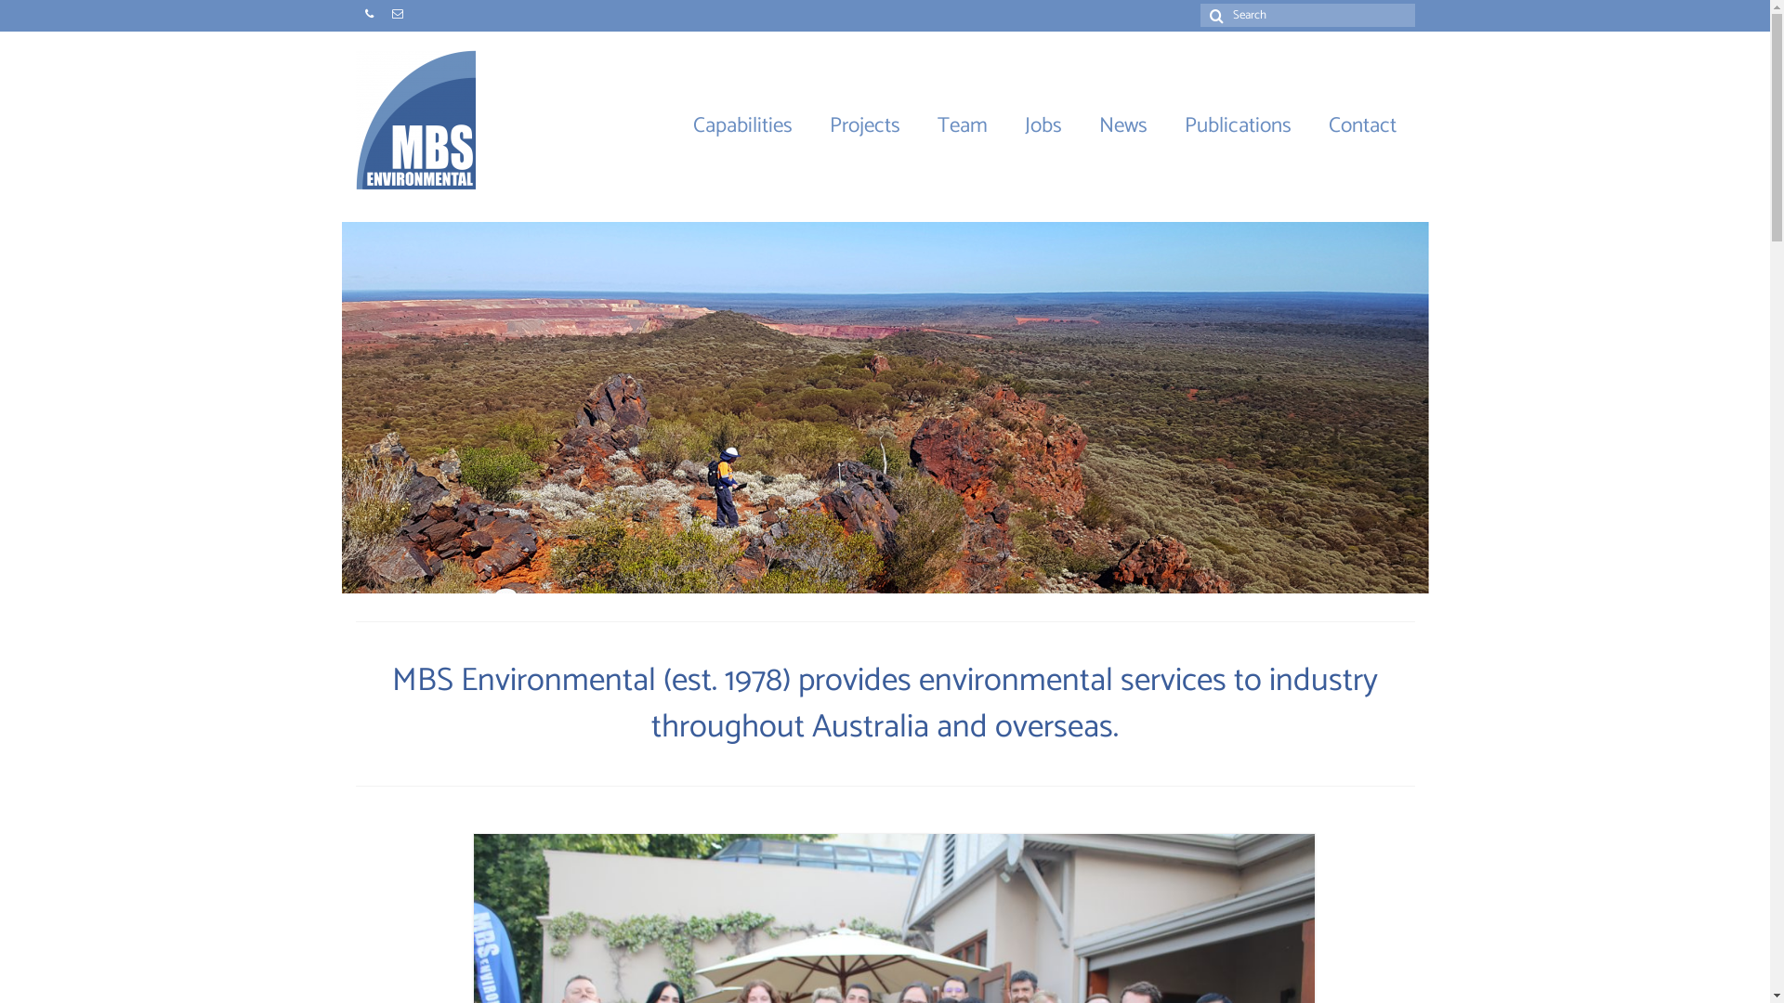  What do you see at coordinates (741, 125) in the screenshot?
I see `'Capabilities'` at bounding box center [741, 125].